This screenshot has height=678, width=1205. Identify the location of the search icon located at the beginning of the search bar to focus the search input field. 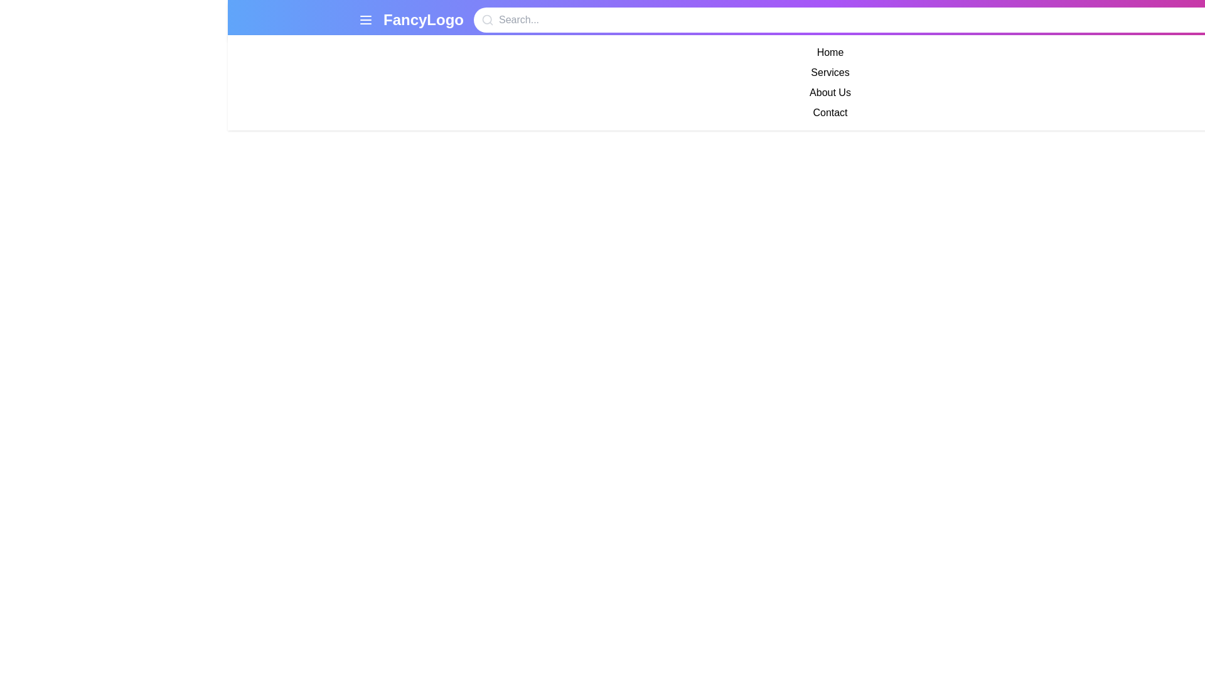
(487, 19).